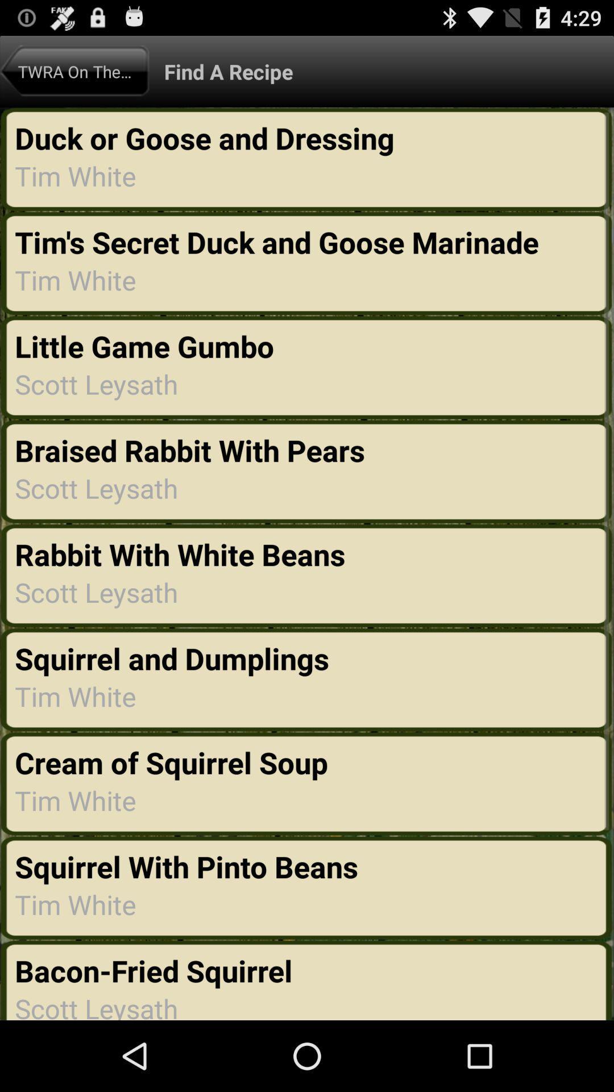 The height and width of the screenshot is (1092, 614). Describe the element at coordinates (186, 866) in the screenshot. I see `squirrel with pinto` at that location.